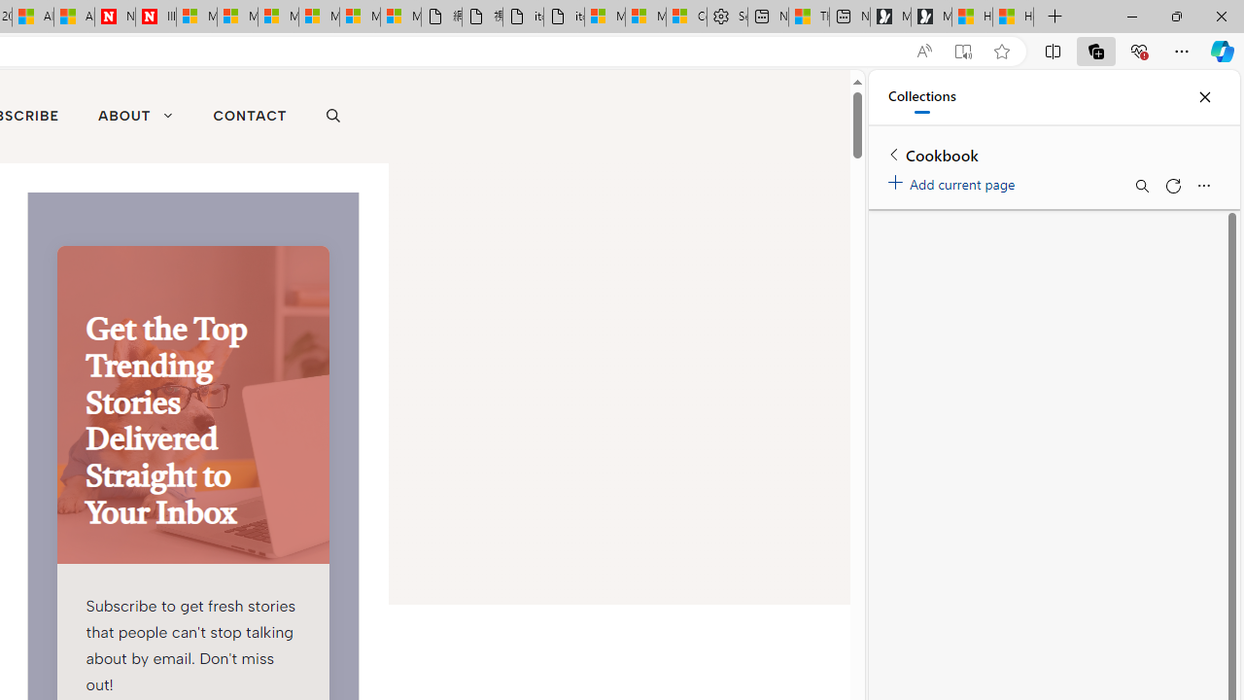 This screenshot has width=1244, height=700. Describe the element at coordinates (686, 17) in the screenshot. I see `'Consumer Health Data Privacy Policy'` at that location.